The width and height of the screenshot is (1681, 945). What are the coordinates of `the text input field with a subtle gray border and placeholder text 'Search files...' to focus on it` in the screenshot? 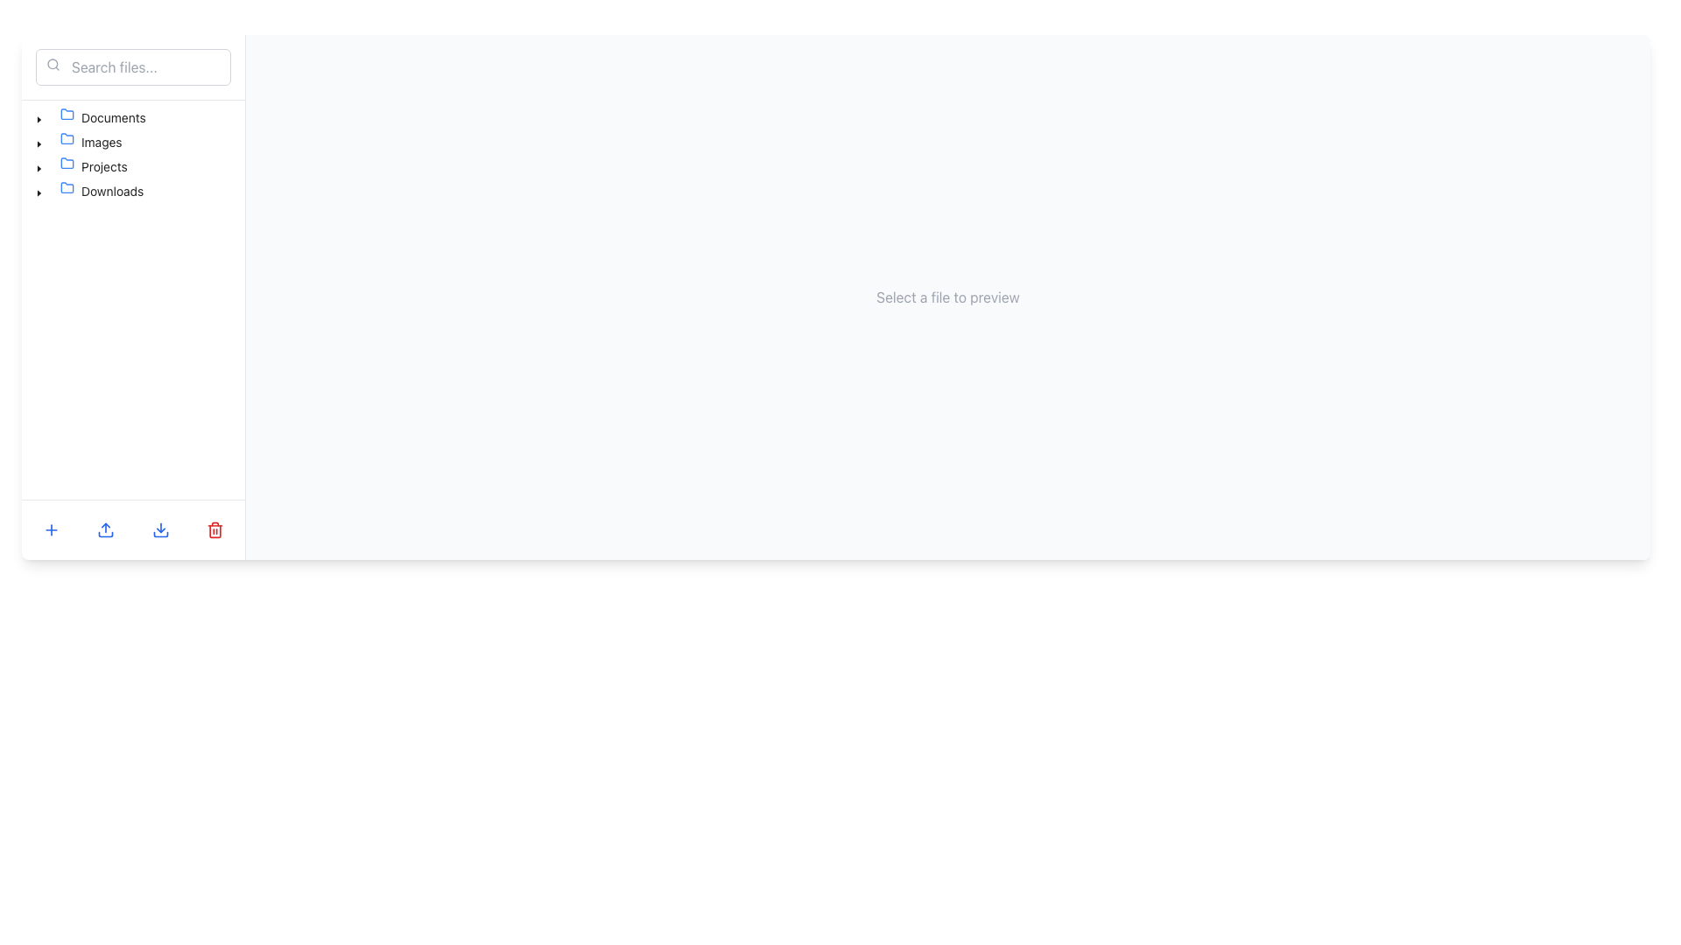 It's located at (132, 66).